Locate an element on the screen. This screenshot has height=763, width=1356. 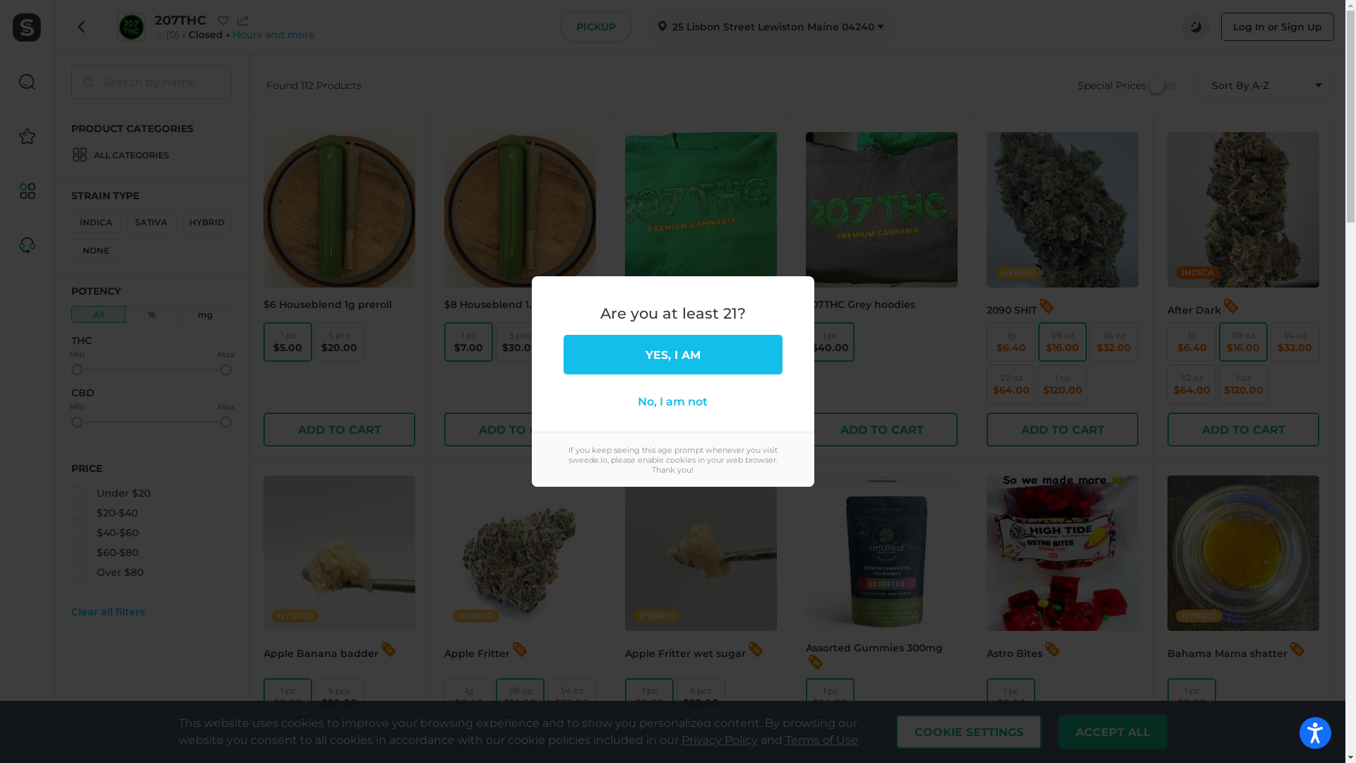
'No, I am not' is located at coordinates (672, 401).